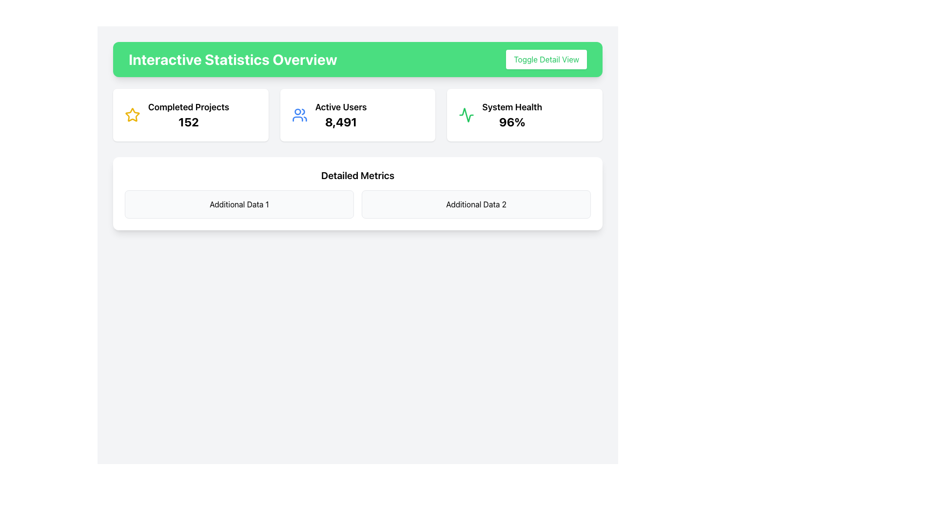  Describe the element at coordinates (511, 122) in the screenshot. I see `the static text displaying the system health status of 96%, located beneath the 'System Health' label in the upper-right region of the interface` at that location.